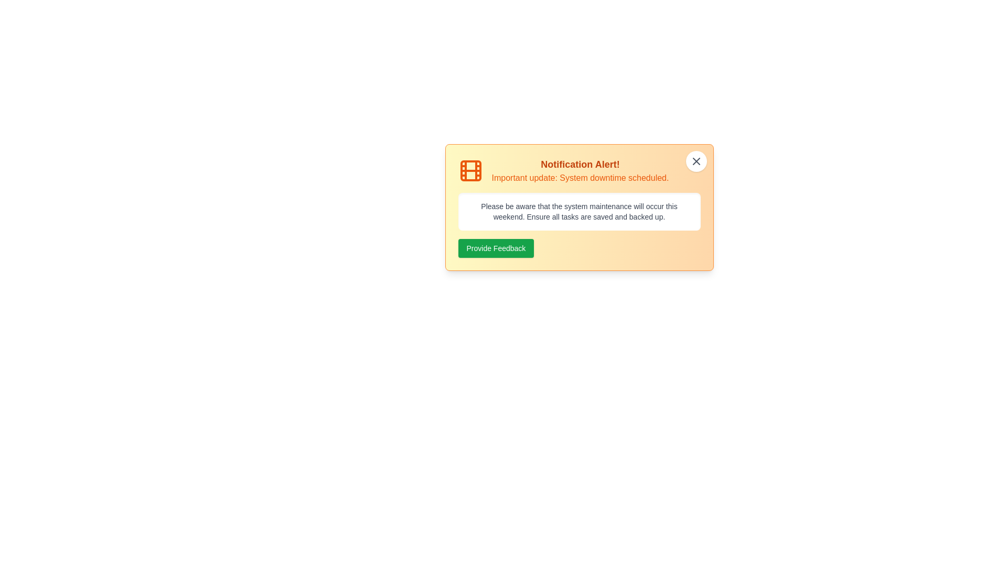  What do you see at coordinates (495, 248) in the screenshot?
I see `the 'Provide Feedback' button to interact with the informational text` at bounding box center [495, 248].